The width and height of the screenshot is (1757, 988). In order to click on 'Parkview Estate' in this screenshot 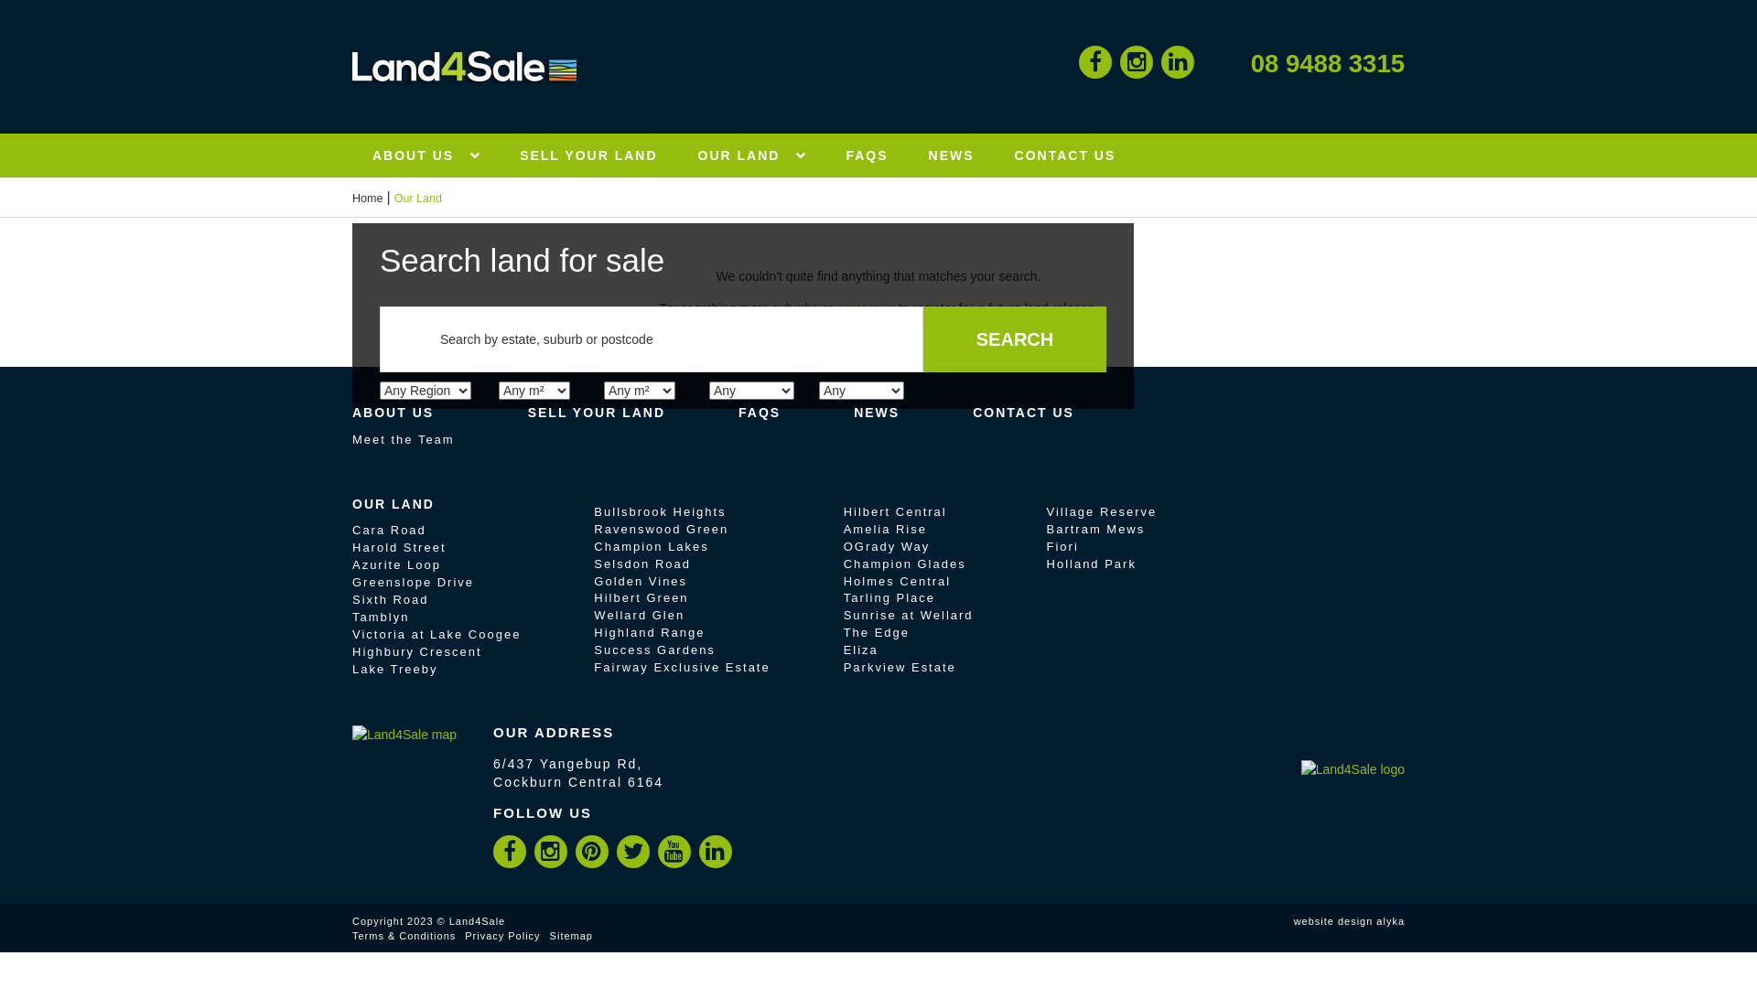, I will do `click(900, 667)`.